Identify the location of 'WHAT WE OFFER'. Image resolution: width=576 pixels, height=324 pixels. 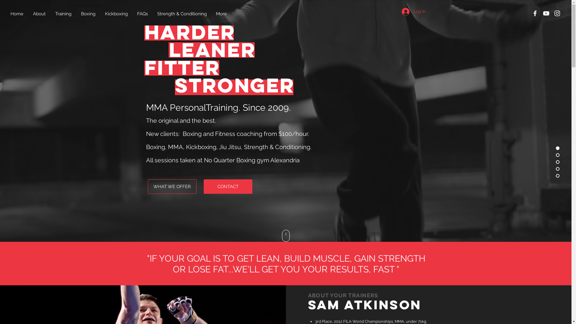
(147, 186).